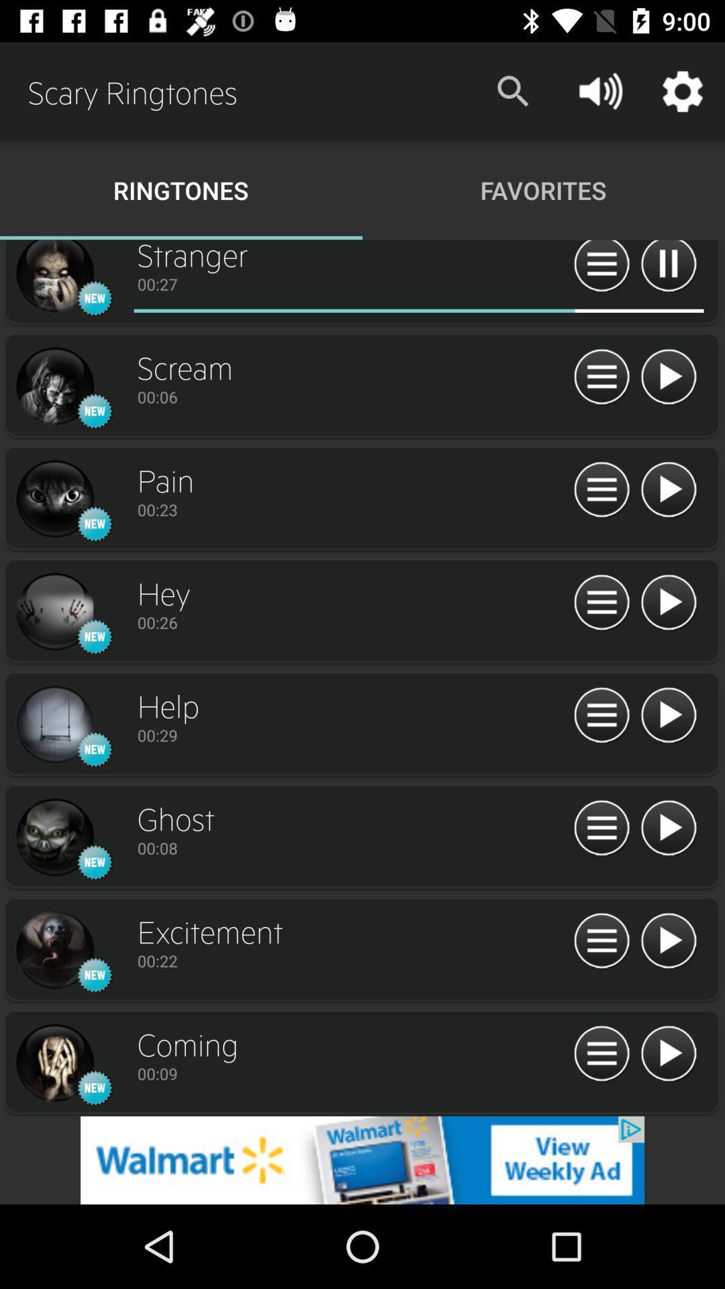  Describe the element at coordinates (601, 602) in the screenshot. I see `see ringtone details` at that location.